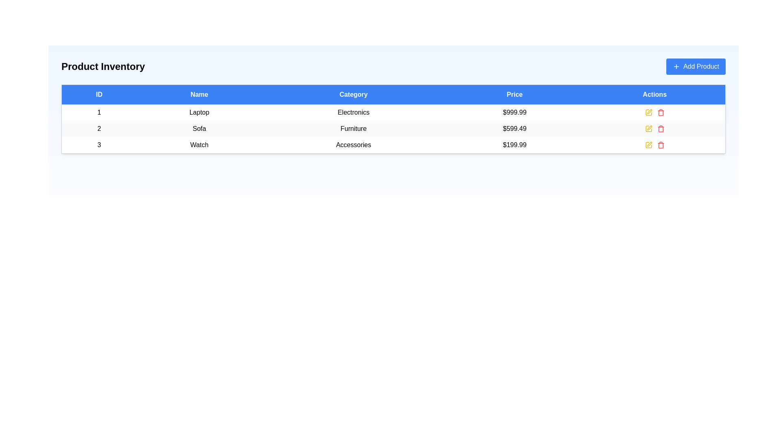 Image resolution: width=781 pixels, height=439 pixels. Describe the element at coordinates (353, 113) in the screenshot. I see `the 'Category' text label in the first row of the table, which displays the category associated with the product entry, positioned between the 'Laptop' label and the '$999.99' label` at that location.